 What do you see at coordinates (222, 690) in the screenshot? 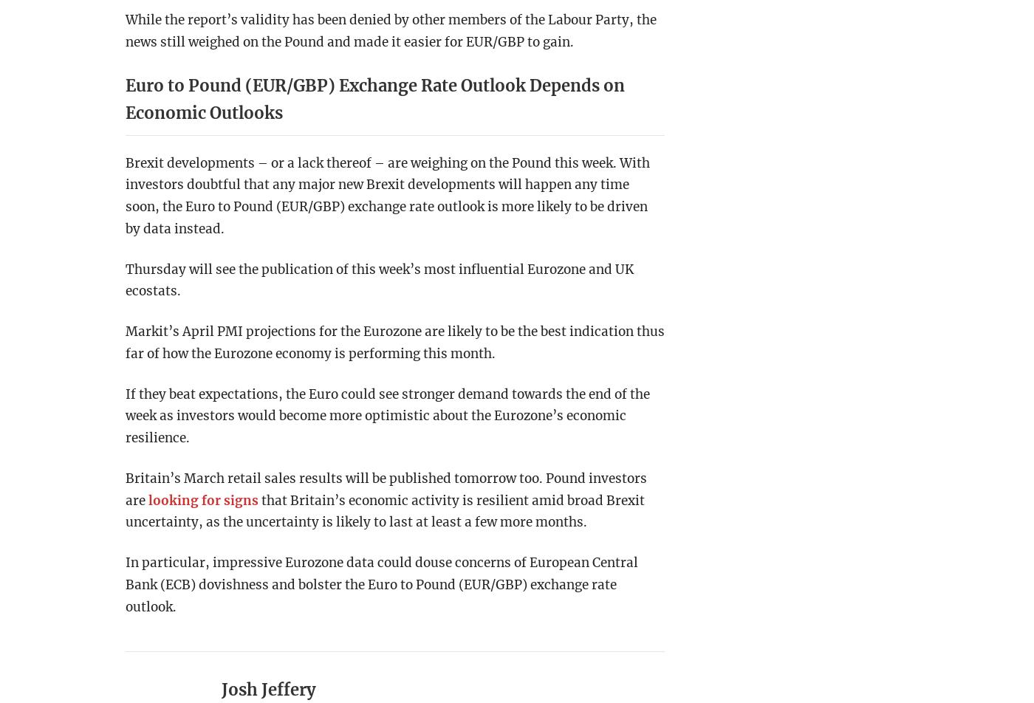
I see `'Josh Jeffery'` at bounding box center [222, 690].